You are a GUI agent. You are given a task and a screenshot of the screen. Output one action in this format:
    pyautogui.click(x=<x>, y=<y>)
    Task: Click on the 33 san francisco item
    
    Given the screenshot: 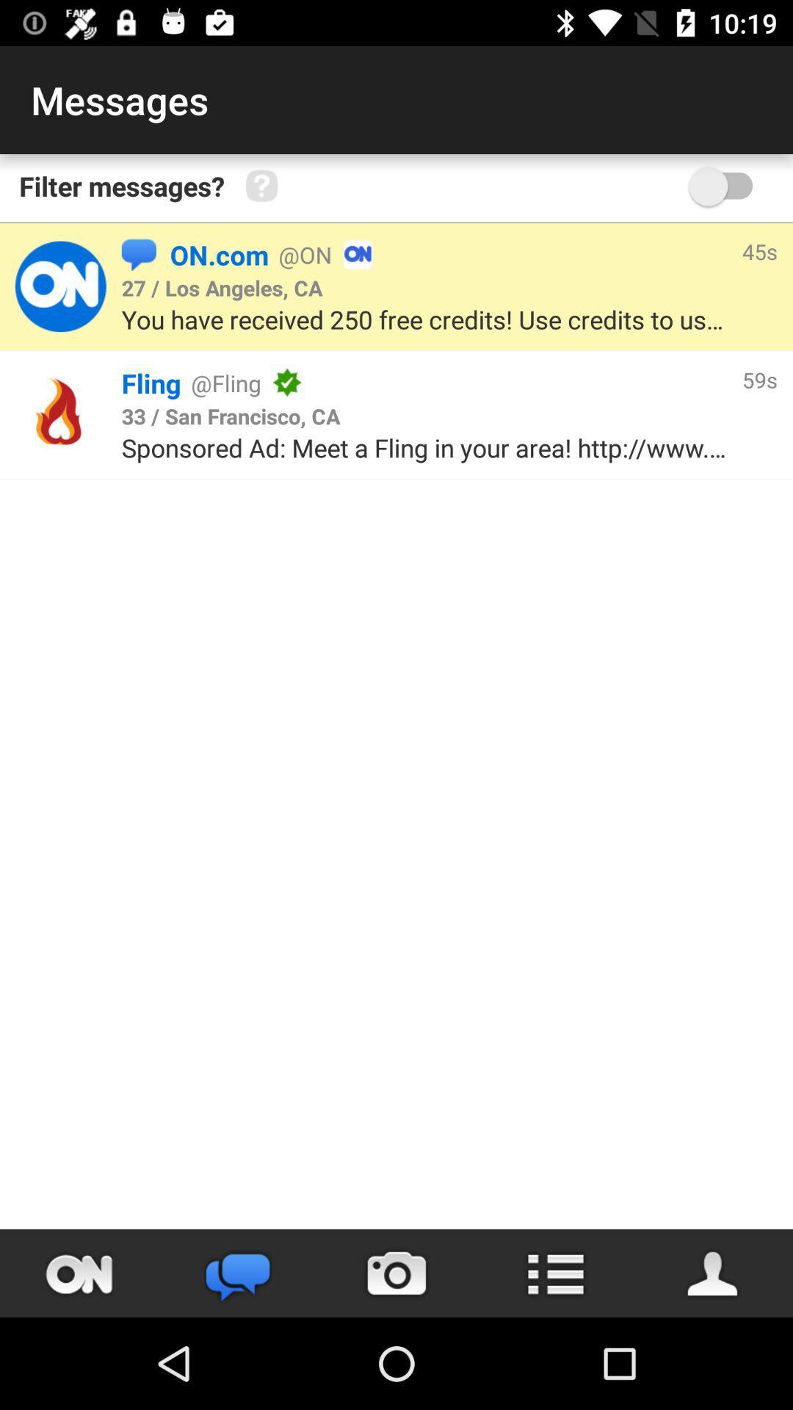 What is the action you would take?
    pyautogui.click(x=231, y=415)
    